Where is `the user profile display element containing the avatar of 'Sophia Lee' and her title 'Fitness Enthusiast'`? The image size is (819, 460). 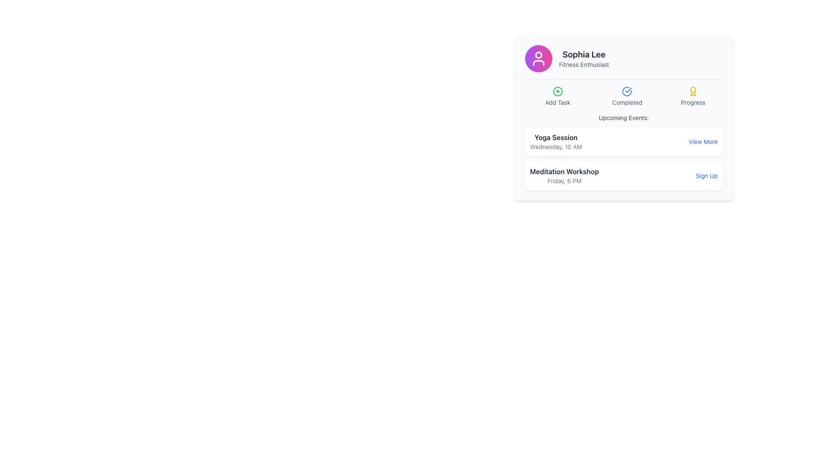 the user profile display element containing the avatar of 'Sophia Lee' and her title 'Fitness Enthusiast' is located at coordinates (624, 62).